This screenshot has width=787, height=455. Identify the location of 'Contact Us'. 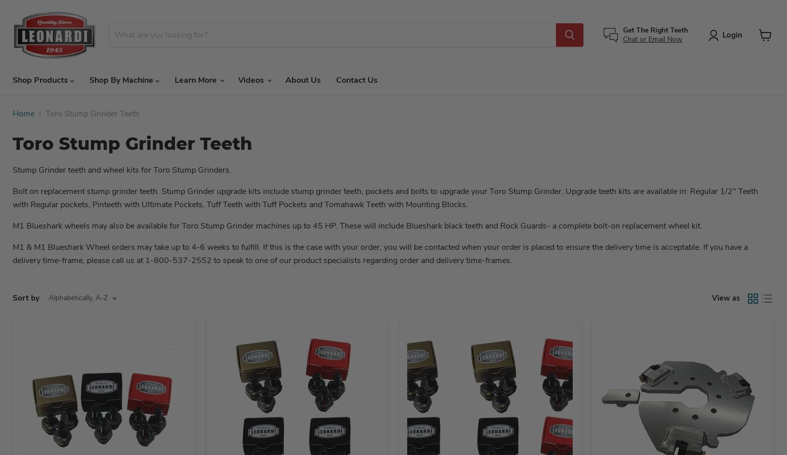
(356, 79).